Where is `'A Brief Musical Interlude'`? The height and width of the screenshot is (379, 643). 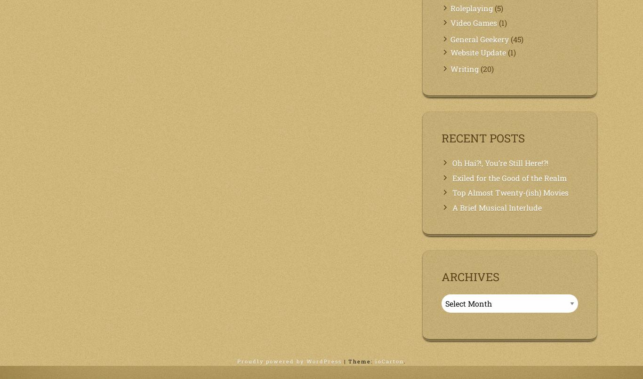 'A Brief Musical Interlude' is located at coordinates (452, 207).